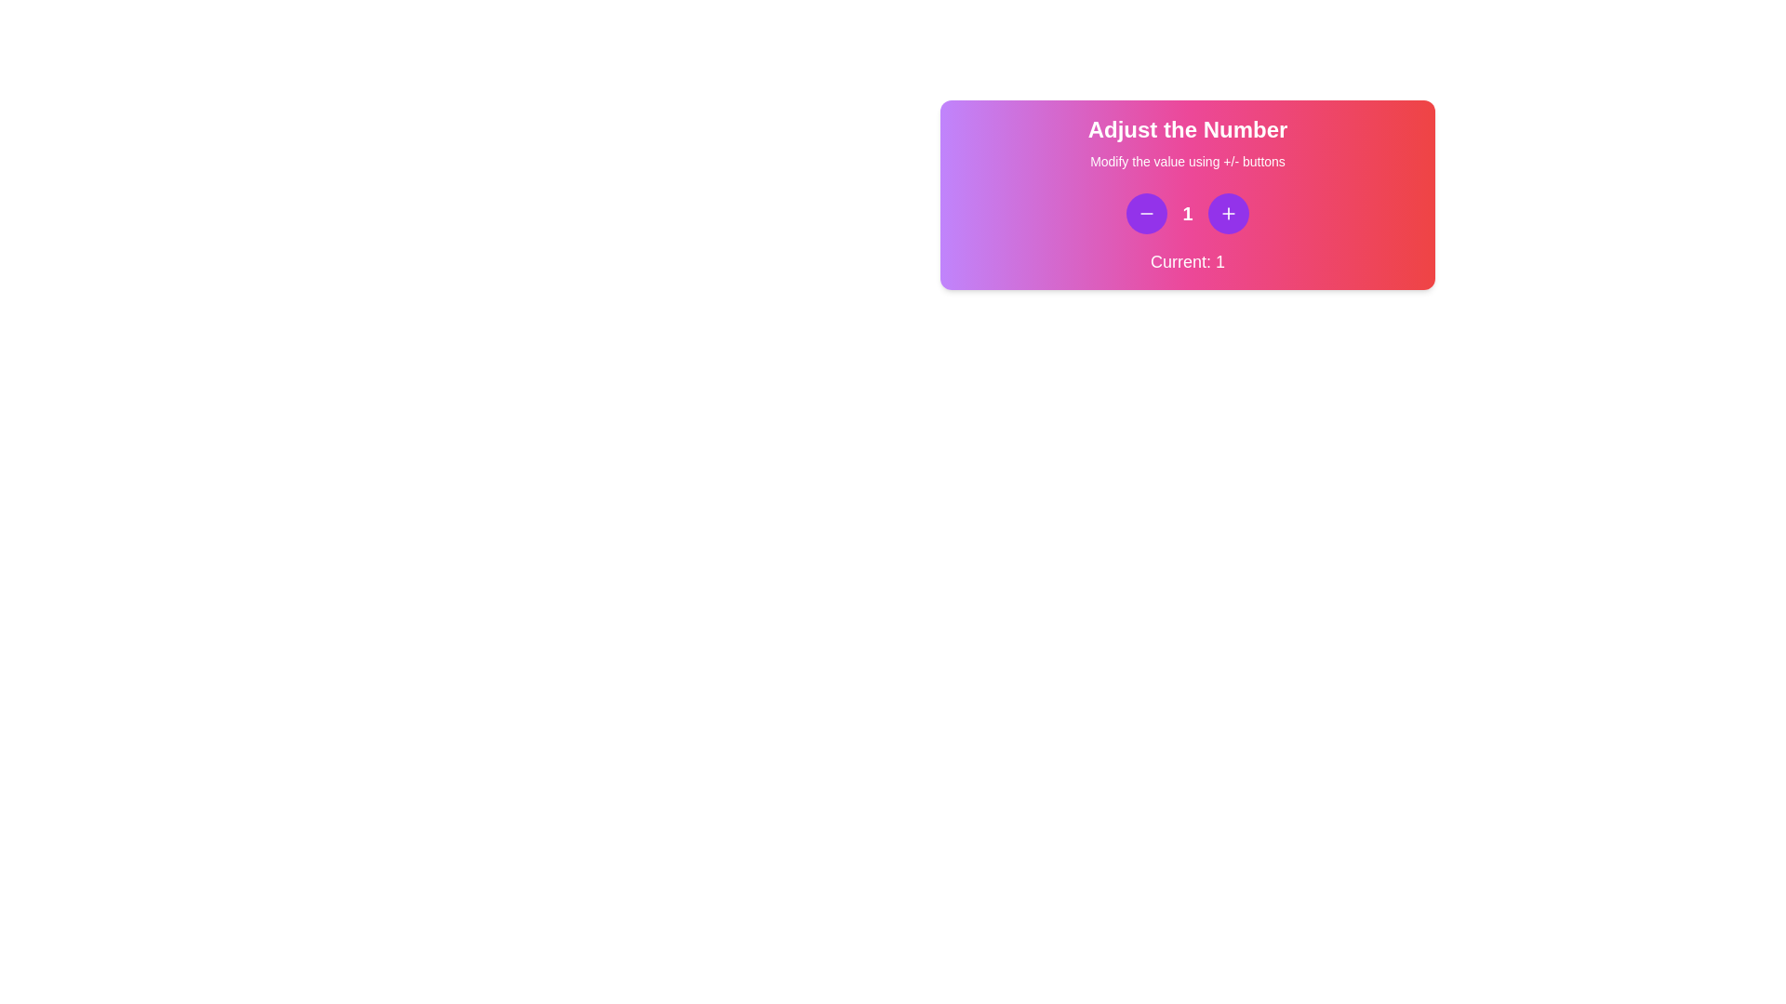 The image size is (1786, 1004). What do you see at coordinates (1146, 213) in the screenshot?
I see `the circular purple button with a minus '-' symbol in its center to decrease the number displayed next to it` at bounding box center [1146, 213].